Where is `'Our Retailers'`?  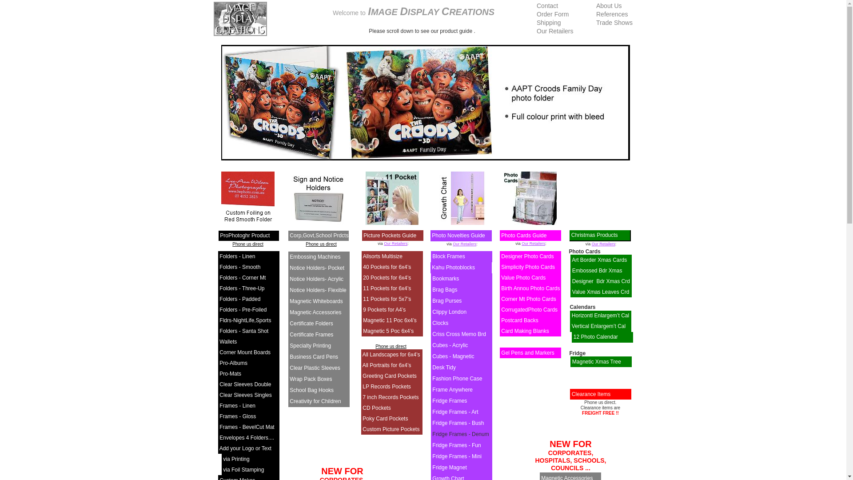
'Our Retailers' is located at coordinates (464, 244).